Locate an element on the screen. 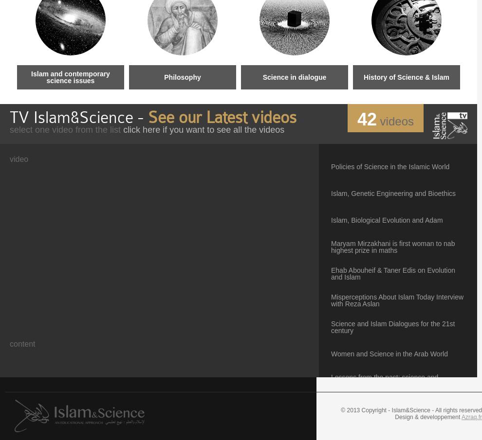  'Design & developpement' is located at coordinates (428, 417).